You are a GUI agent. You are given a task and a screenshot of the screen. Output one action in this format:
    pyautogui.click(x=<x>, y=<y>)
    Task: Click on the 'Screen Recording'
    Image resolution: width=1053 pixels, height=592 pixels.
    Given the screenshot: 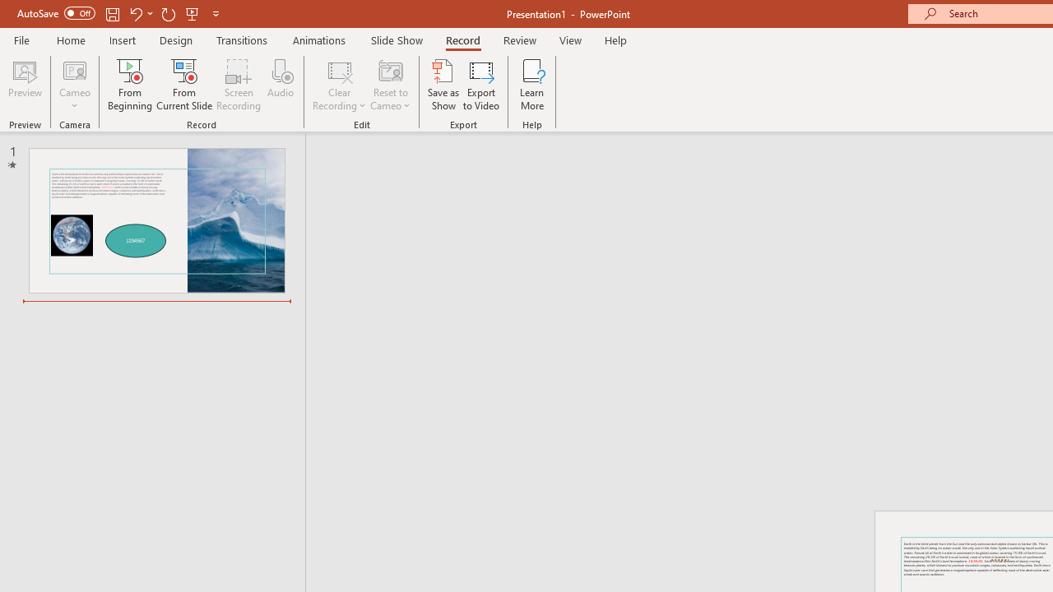 What is the action you would take?
    pyautogui.click(x=238, y=85)
    